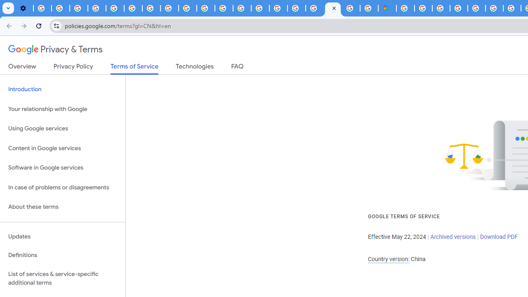 The width and height of the screenshot is (528, 297). I want to click on 'List of services & service-specific additional terms', so click(62, 278).